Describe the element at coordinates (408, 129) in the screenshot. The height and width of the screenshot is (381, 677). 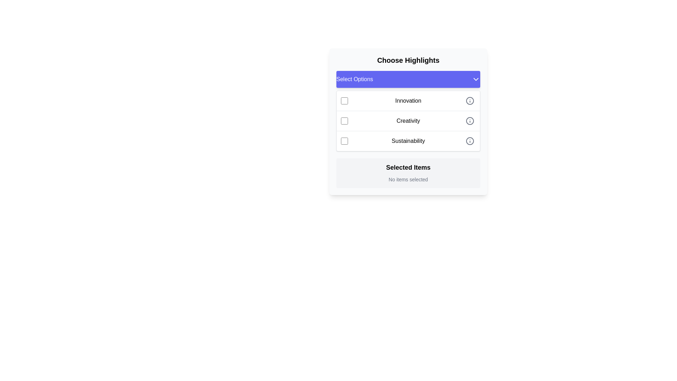
I see `the 'Creativity' selectable list item with checkbox` at that location.